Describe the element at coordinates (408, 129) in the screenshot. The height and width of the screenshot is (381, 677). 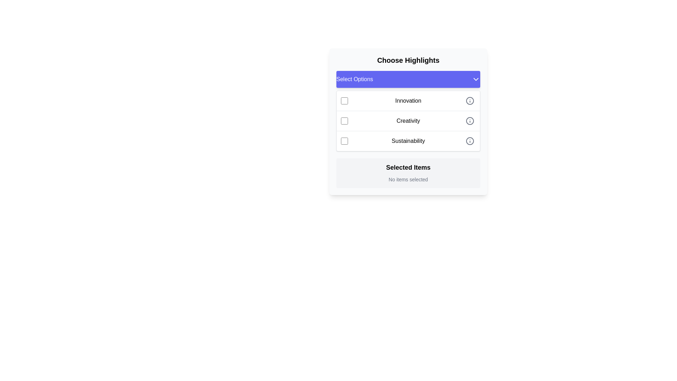
I see `the 'Creativity' selectable list item with checkbox` at that location.